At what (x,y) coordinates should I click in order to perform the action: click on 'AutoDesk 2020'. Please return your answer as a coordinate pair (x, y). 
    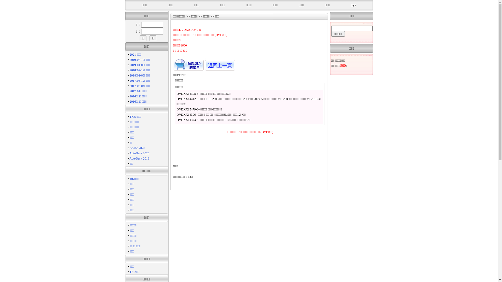
    Looking at the image, I should click on (139, 153).